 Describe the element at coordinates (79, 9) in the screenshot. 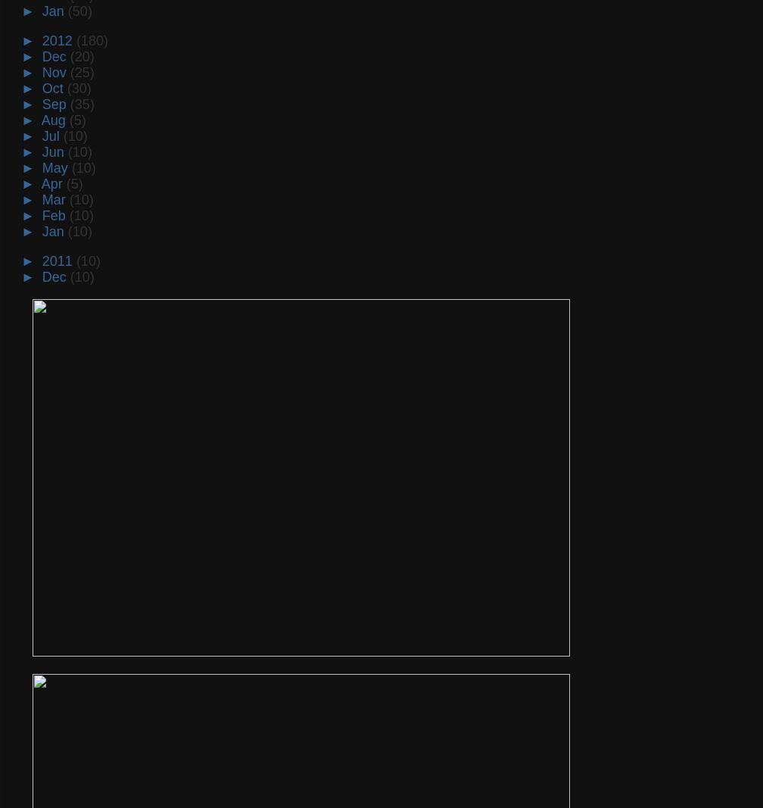

I see `'(50)'` at that location.